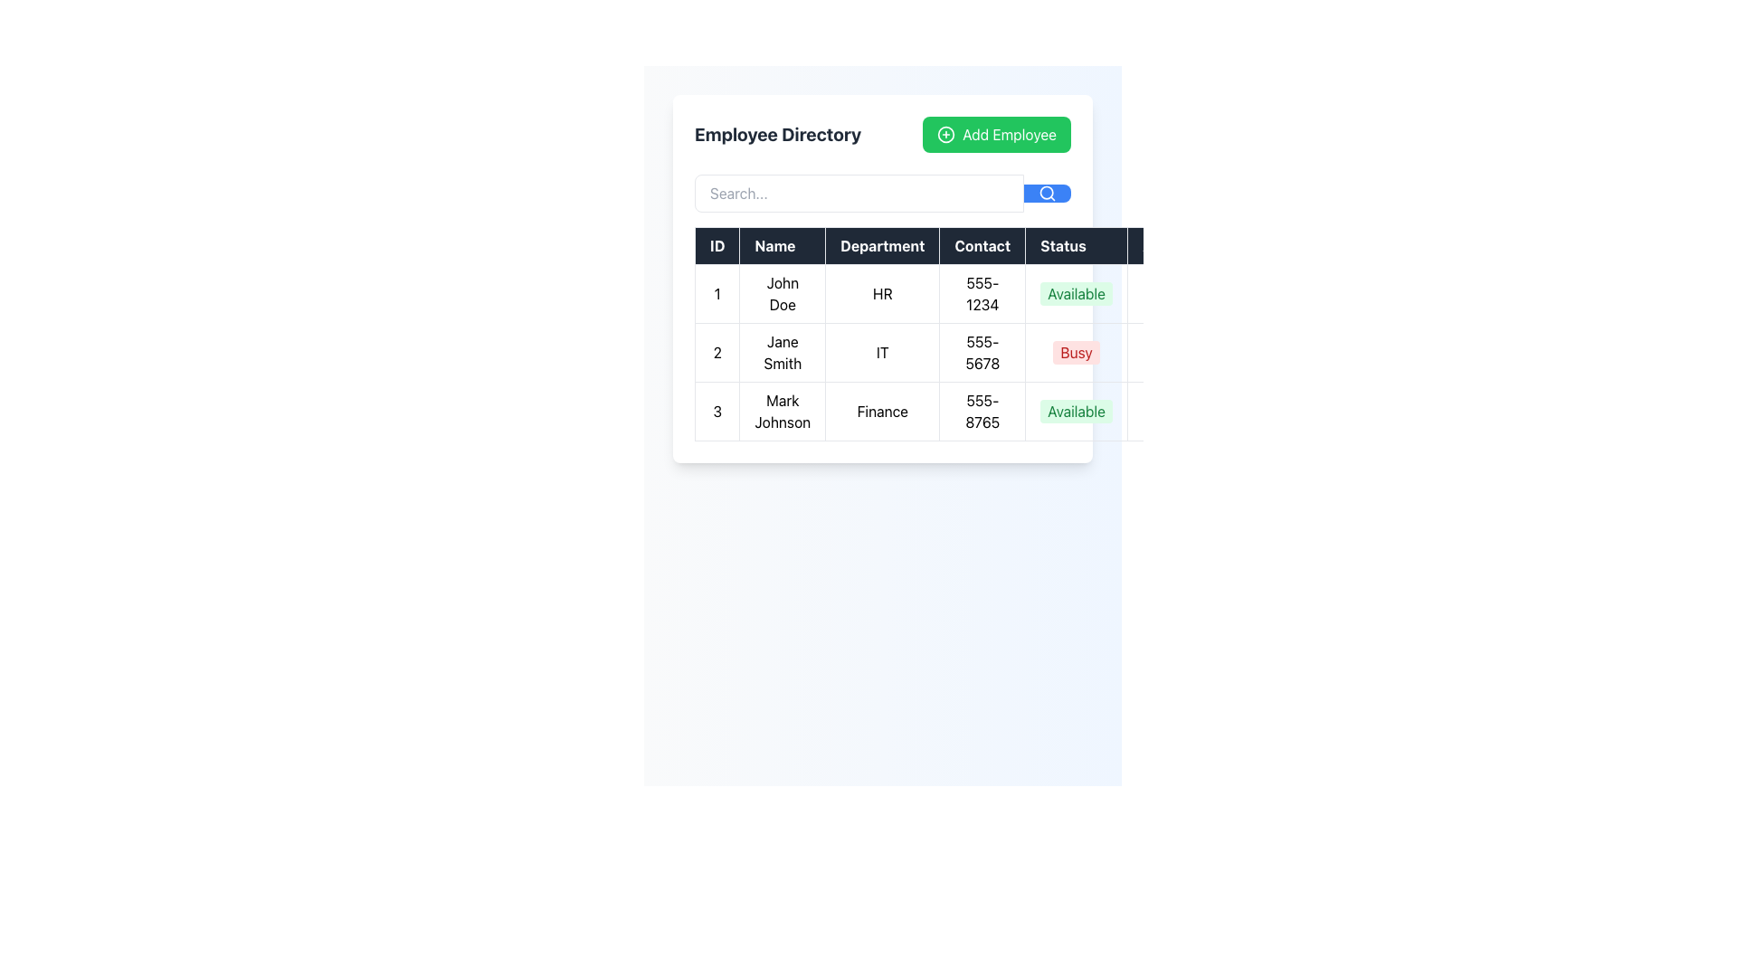  I want to click on the 'Available' Text Indicator located in the rightmost column of the table under the 'Status' header, corresponding to the first row, so click(1077, 292).